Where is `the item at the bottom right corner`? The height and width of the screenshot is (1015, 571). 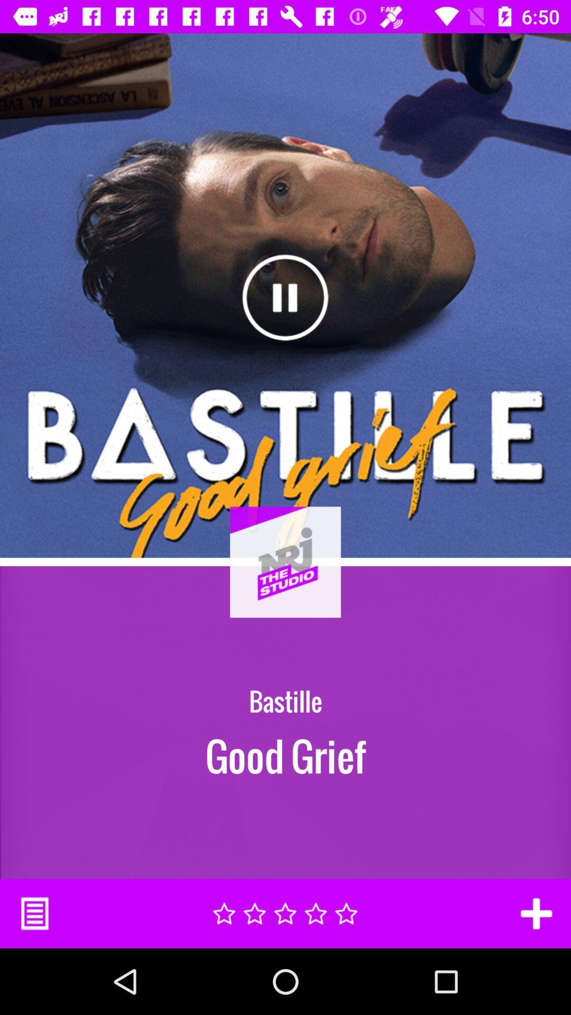 the item at the bottom right corner is located at coordinates (536, 913).